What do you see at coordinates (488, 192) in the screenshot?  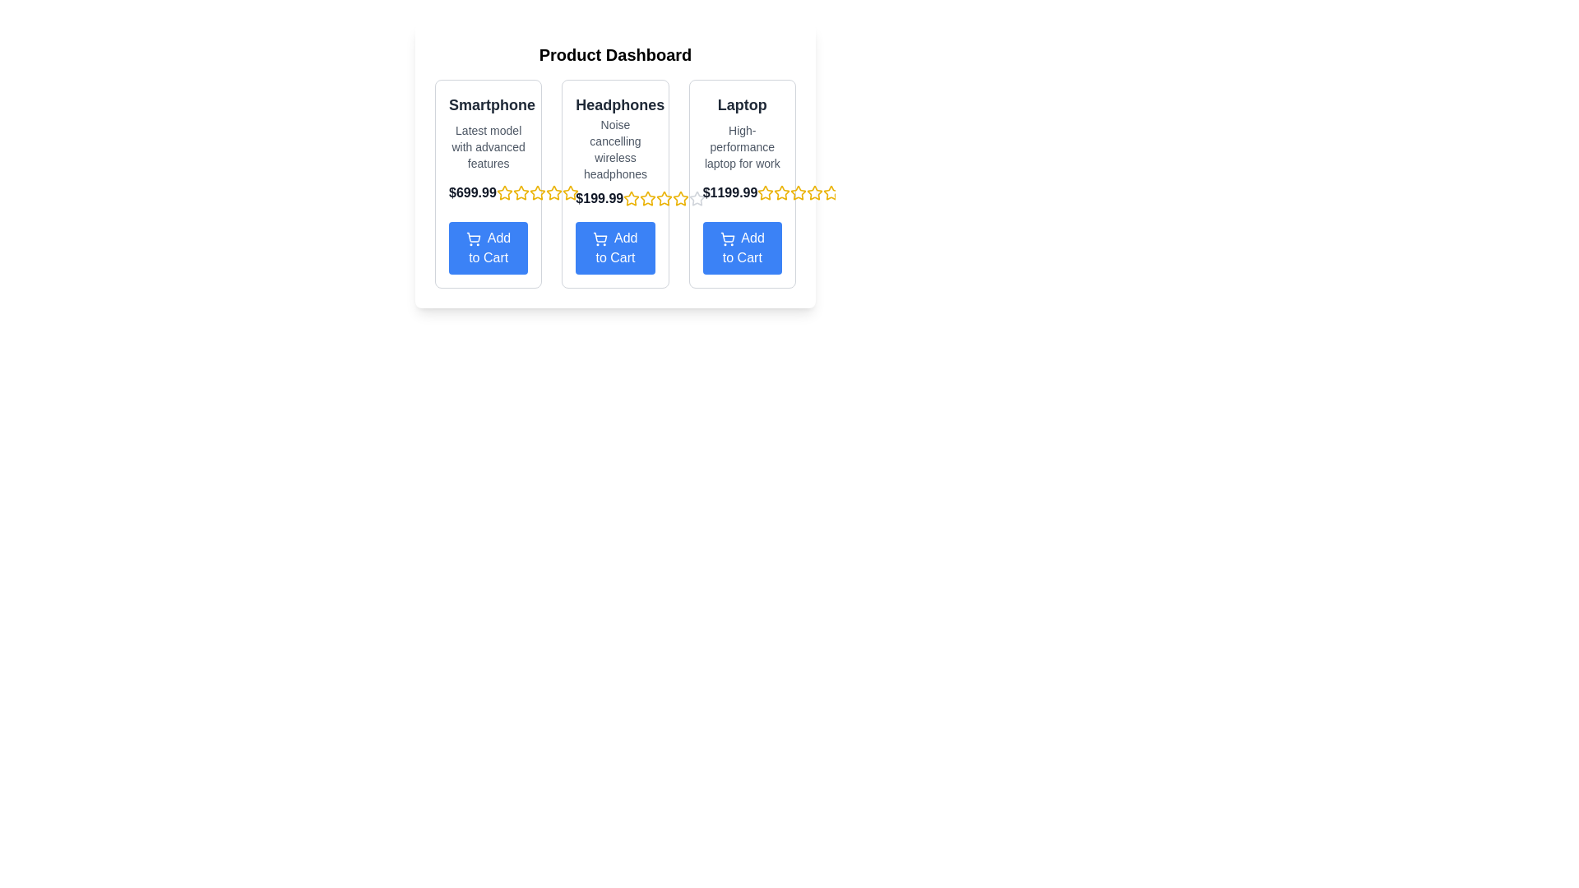 I see `the bold text label displaying the monetary value '$699.99', which is positioned adjacent to the yellow star icons and above the 'Add to Cart' button in the 'Smartphone' section` at bounding box center [488, 192].